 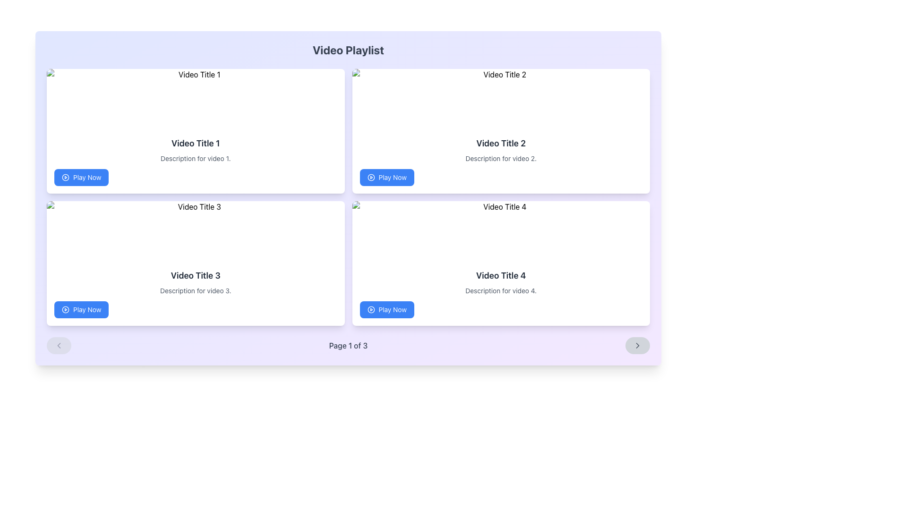 I want to click on the text label containing 'Description for video 1.' which is styled in gray and positioned below 'Video Title 1' within the card layout, so click(x=195, y=158).